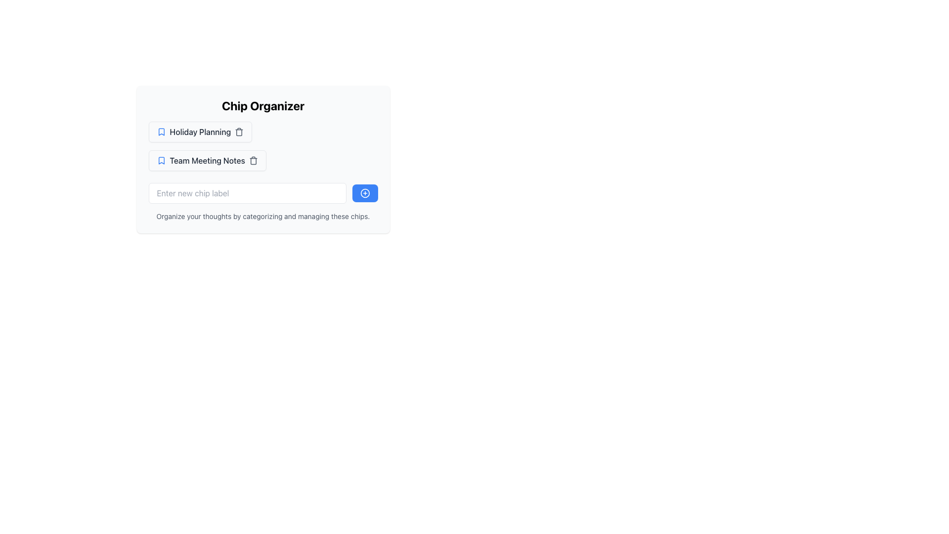  I want to click on the central text content of the chip-style component located beneath the 'Holiday Planning' chip, so click(207, 160).